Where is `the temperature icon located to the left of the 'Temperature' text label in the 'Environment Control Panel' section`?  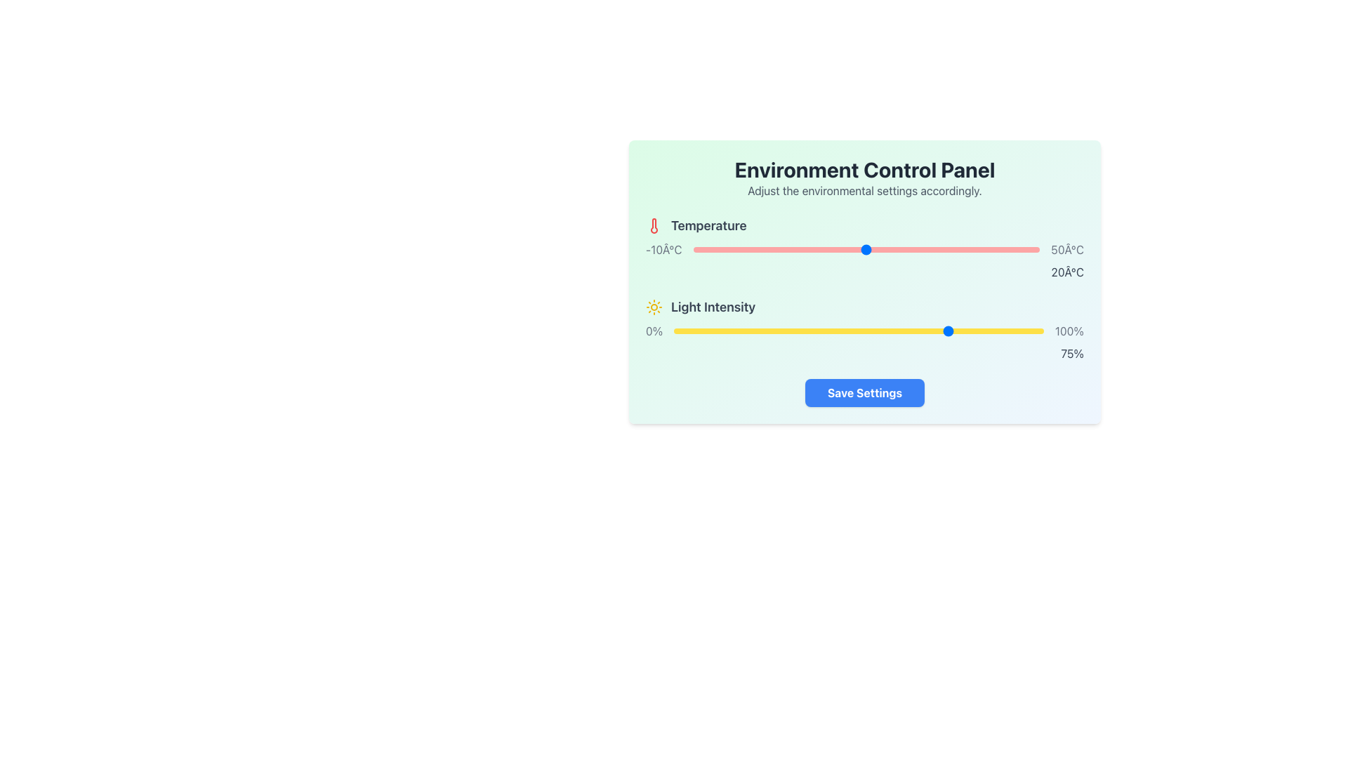
the temperature icon located to the left of the 'Temperature' text label in the 'Environment Control Panel' section is located at coordinates (653, 225).